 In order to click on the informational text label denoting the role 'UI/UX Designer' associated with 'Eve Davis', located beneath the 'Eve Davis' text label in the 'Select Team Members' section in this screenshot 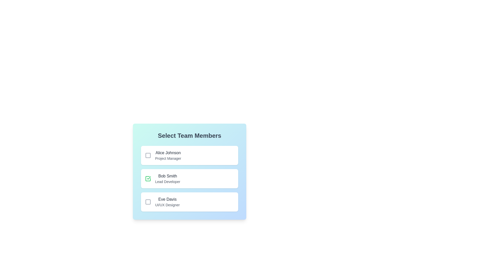, I will do `click(167, 205)`.